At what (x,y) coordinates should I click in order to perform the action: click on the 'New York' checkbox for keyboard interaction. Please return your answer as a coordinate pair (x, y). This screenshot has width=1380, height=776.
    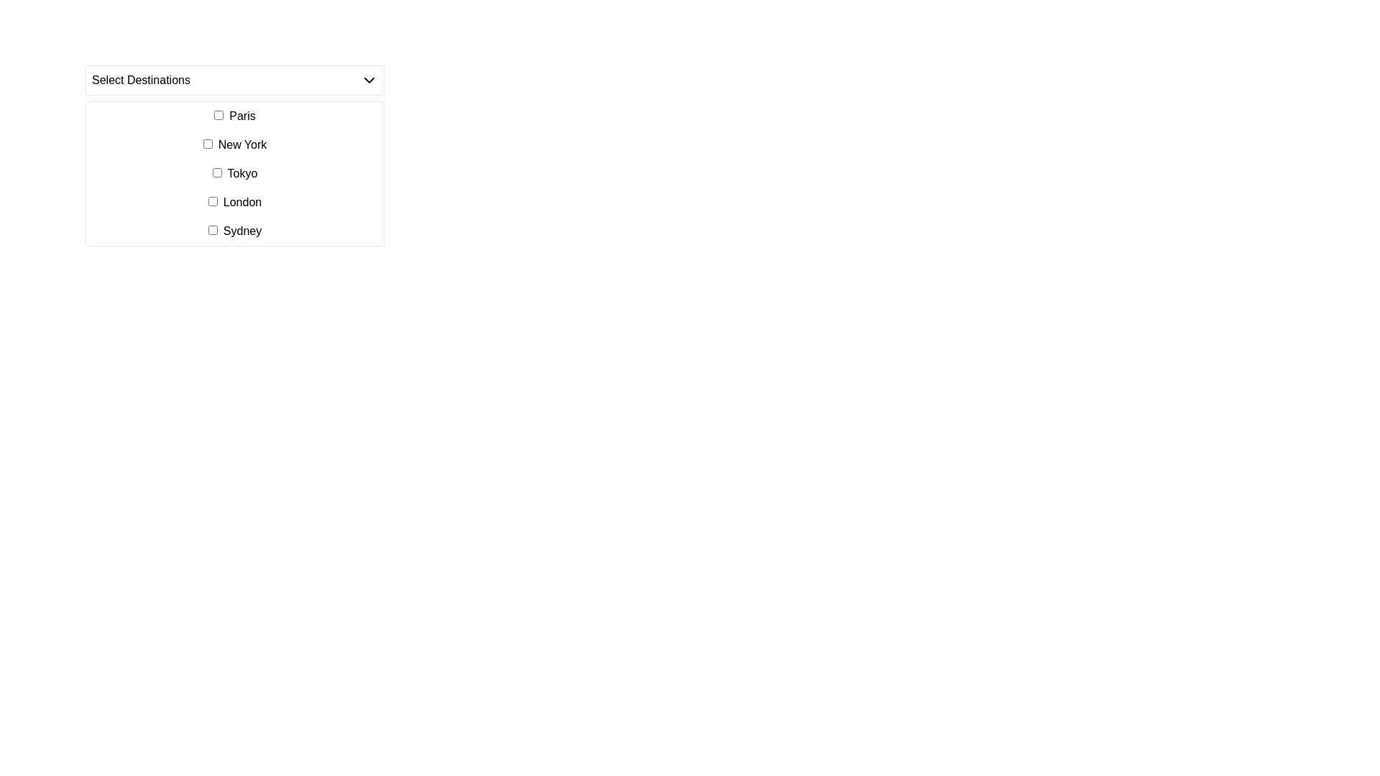
    Looking at the image, I should click on (207, 144).